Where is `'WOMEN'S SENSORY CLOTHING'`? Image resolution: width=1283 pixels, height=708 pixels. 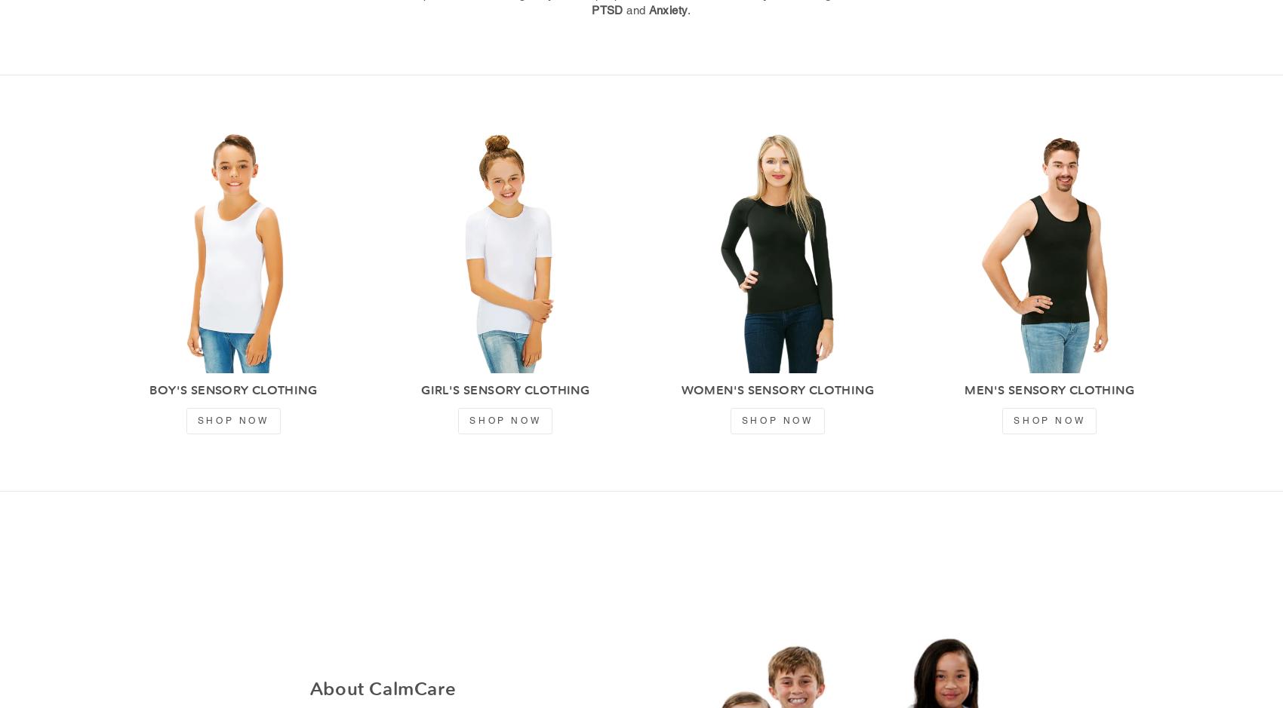 'WOMEN'S SENSORY CLOTHING' is located at coordinates (776, 390).